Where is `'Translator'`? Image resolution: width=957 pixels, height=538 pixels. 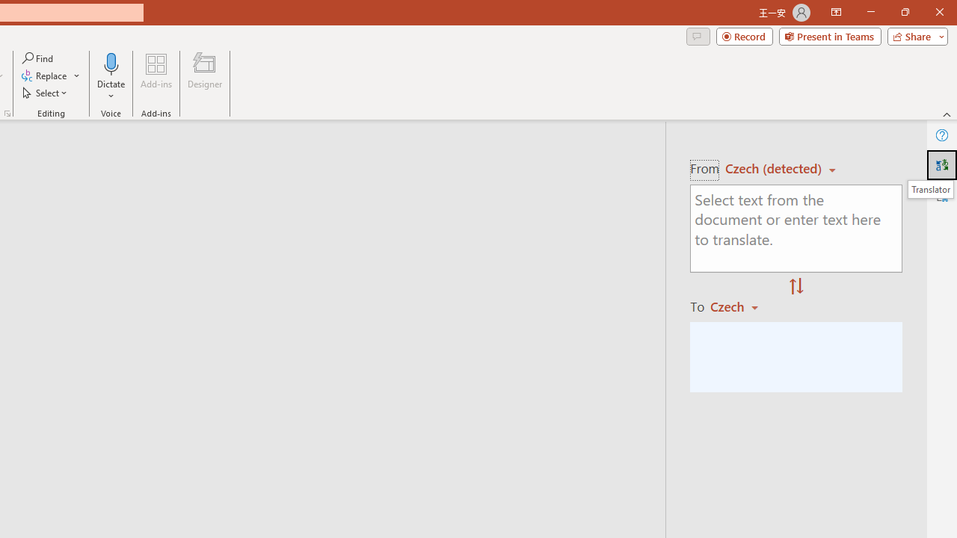 'Translator' is located at coordinates (941, 165).